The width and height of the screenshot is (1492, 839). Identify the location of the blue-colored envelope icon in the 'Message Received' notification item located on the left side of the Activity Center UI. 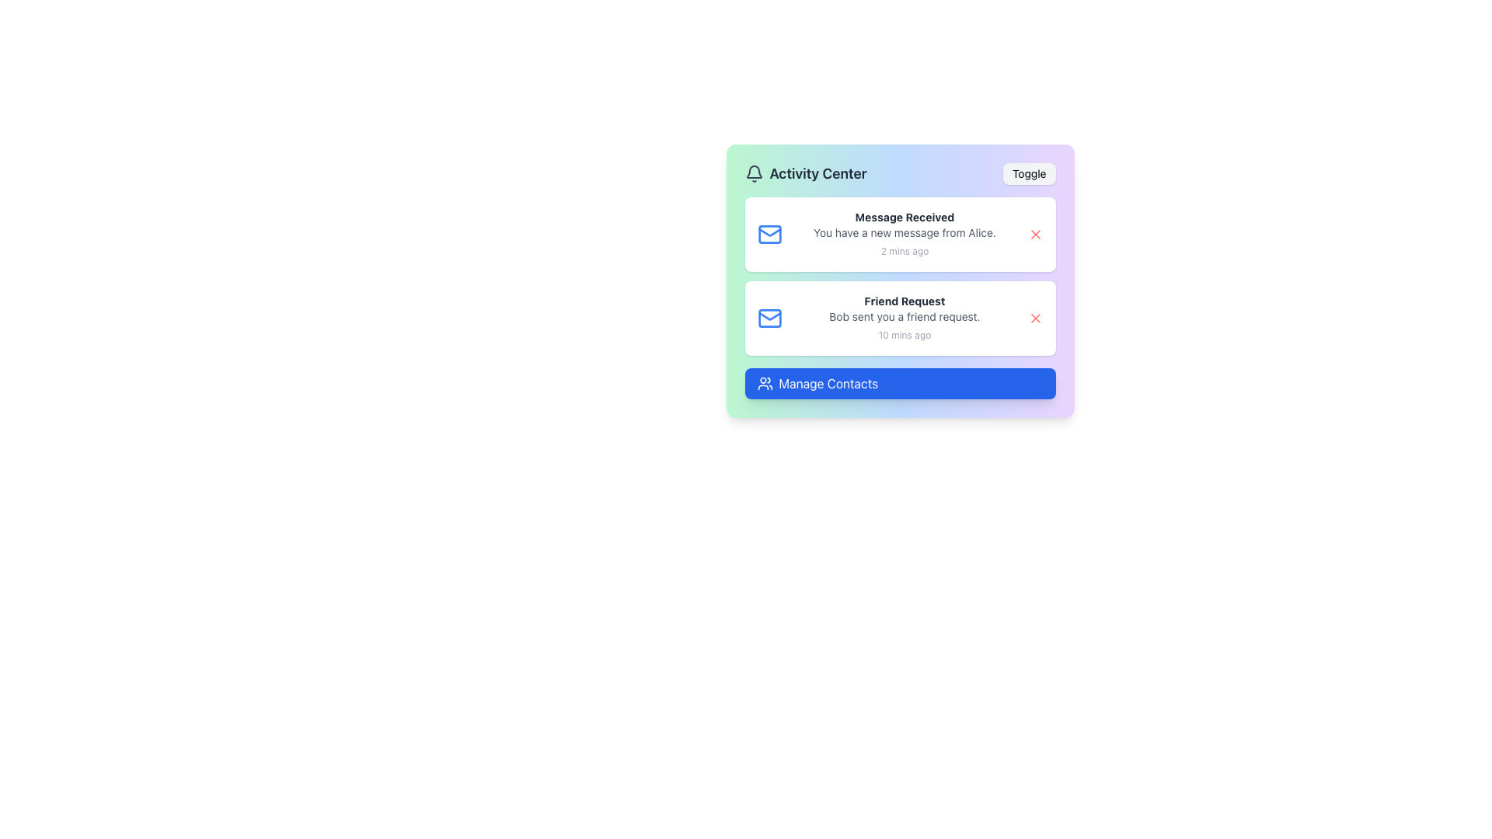
(769, 315).